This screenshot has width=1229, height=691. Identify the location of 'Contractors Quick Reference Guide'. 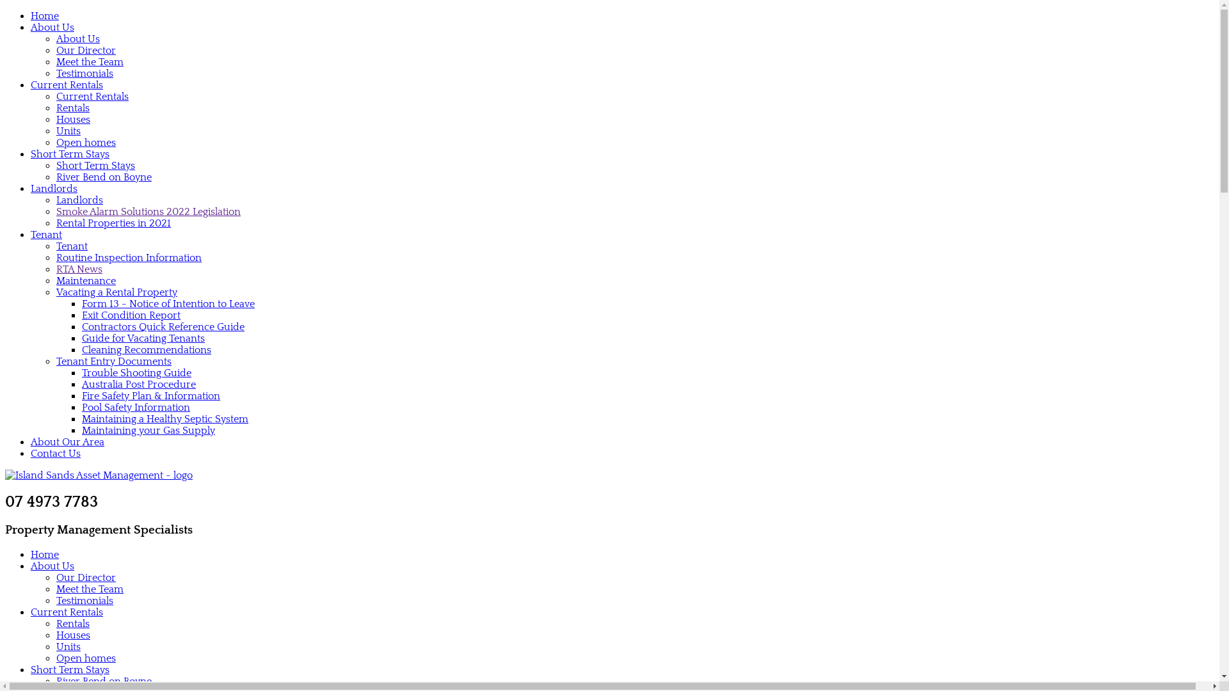
(81, 326).